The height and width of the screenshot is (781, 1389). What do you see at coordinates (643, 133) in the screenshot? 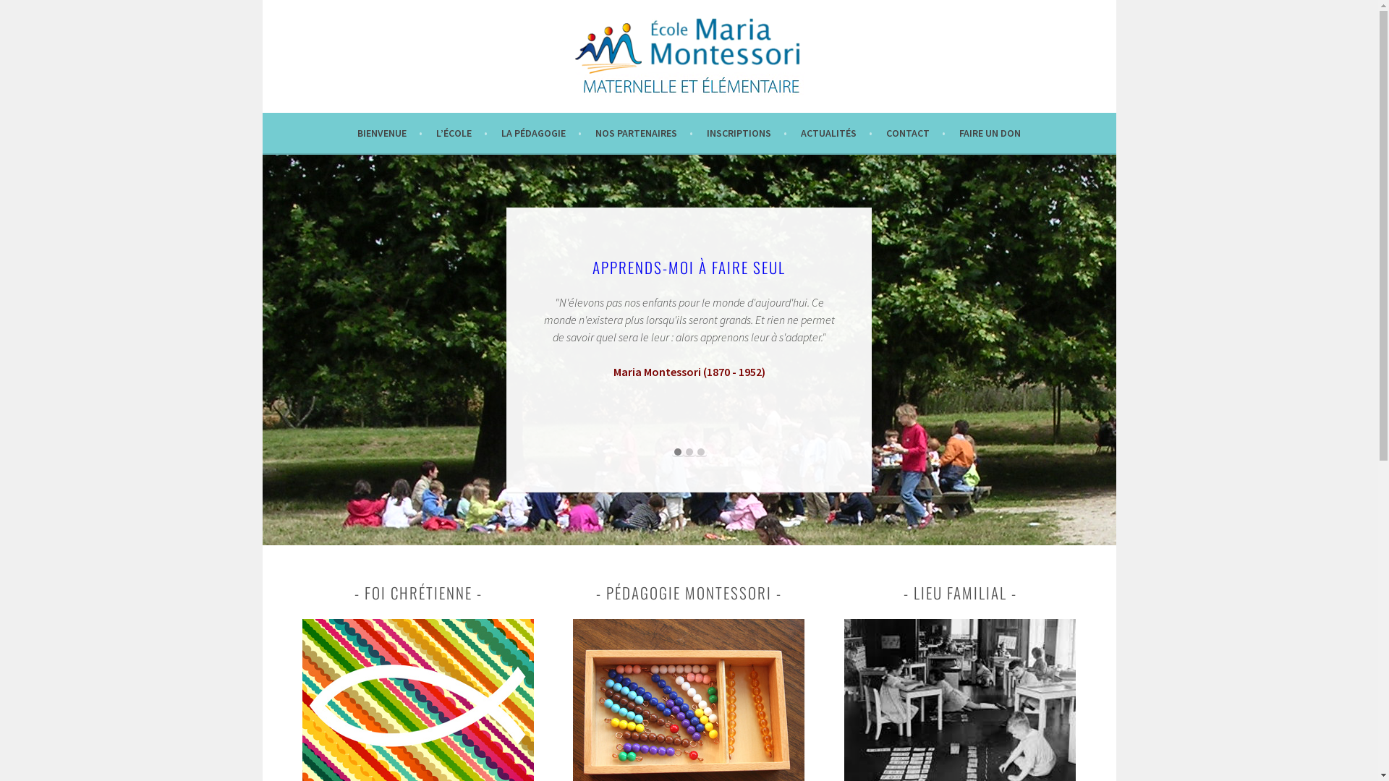
I see `'NOS PARTENAIRES'` at bounding box center [643, 133].